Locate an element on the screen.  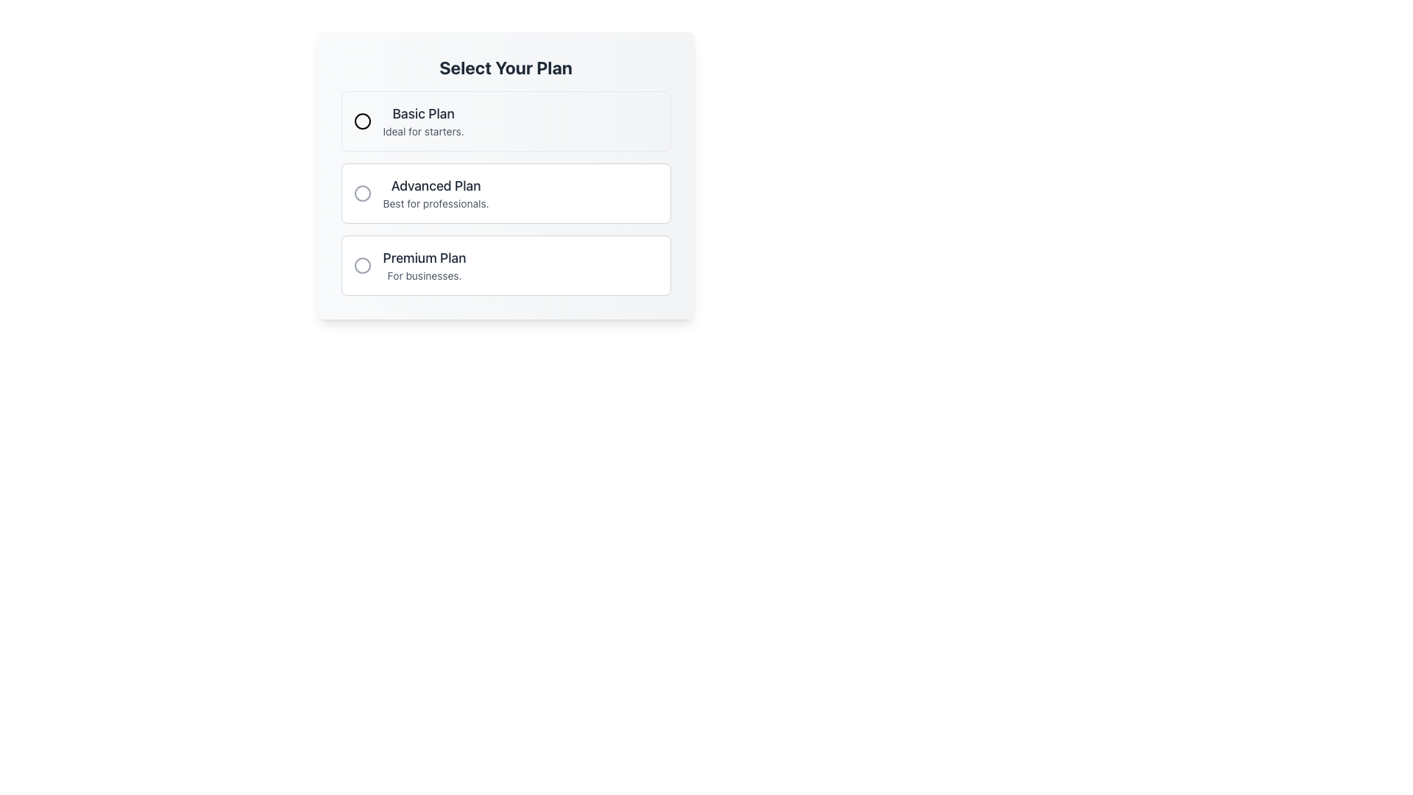
the 'Premium Plan' static text label, which serves as the title for this subscription option in the plan selection list, located directly above the description text 'For businesses.' is located at coordinates (423, 258).